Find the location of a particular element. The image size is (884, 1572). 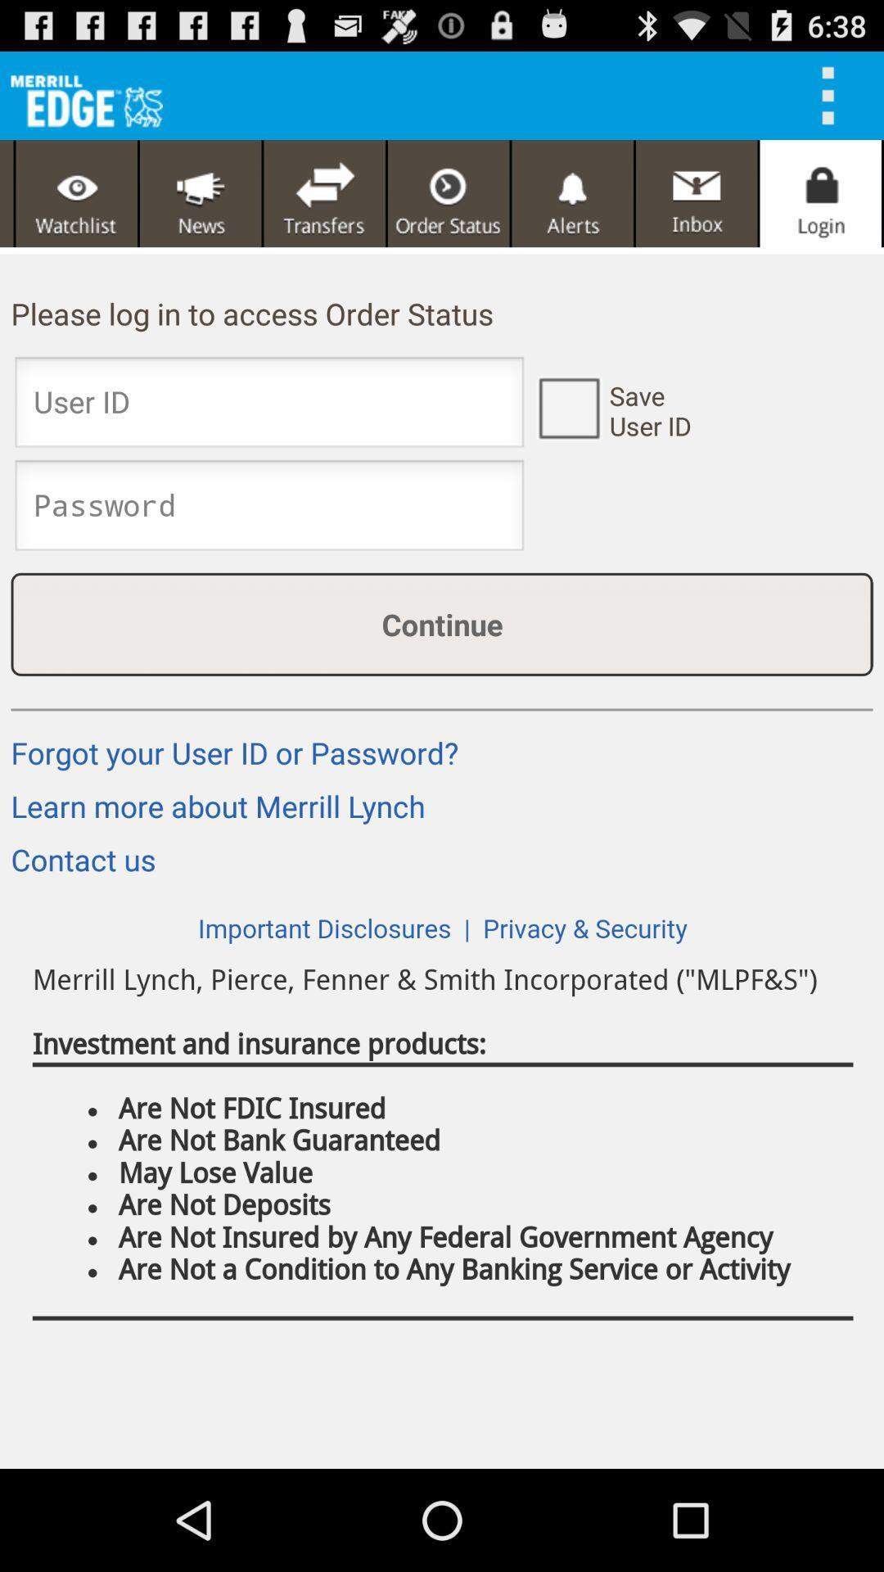

alerts is located at coordinates (571, 193).